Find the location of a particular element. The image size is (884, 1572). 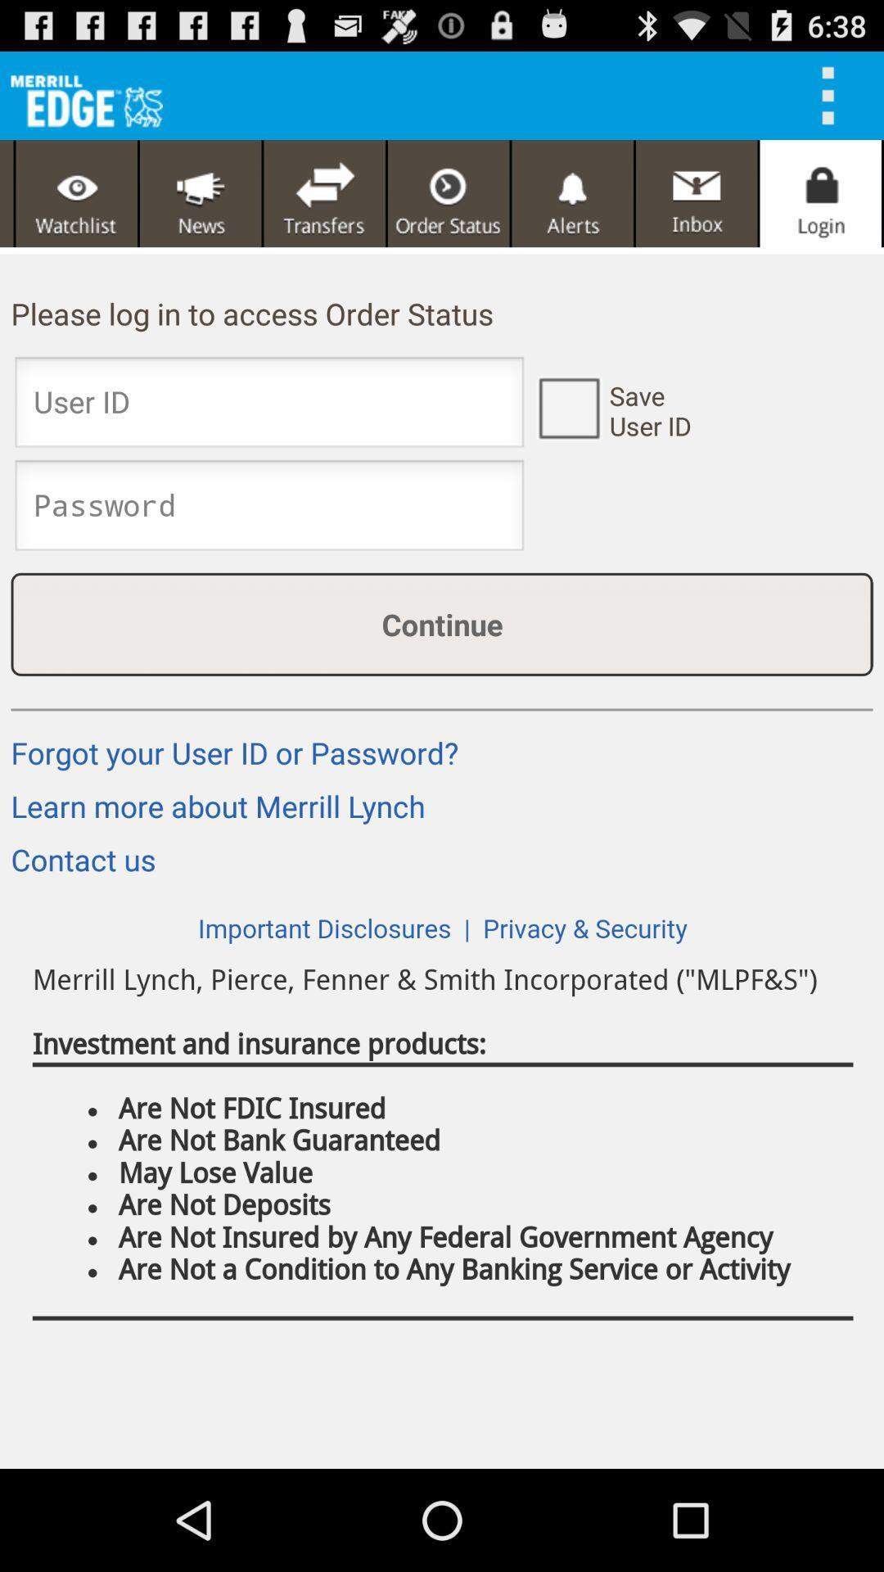

alerts is located at coordinates (571, 193).